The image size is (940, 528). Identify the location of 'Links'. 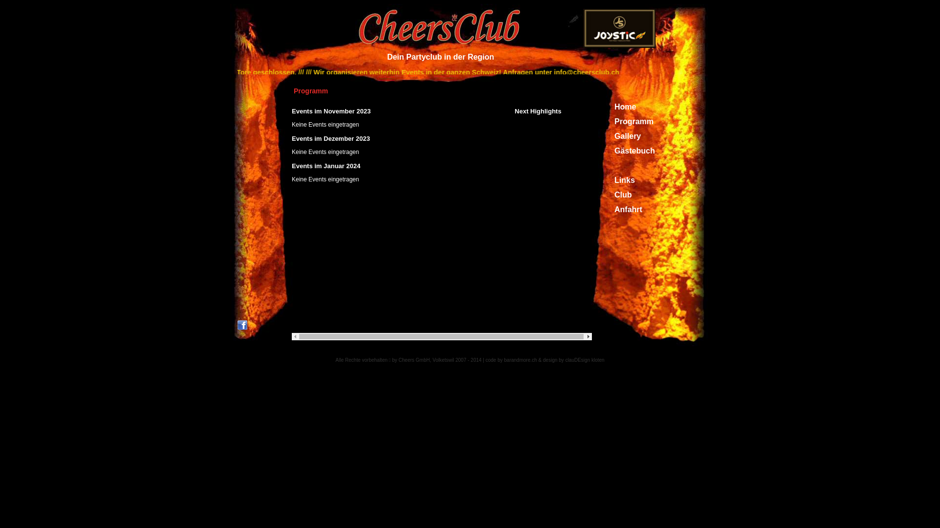
(613, 180).